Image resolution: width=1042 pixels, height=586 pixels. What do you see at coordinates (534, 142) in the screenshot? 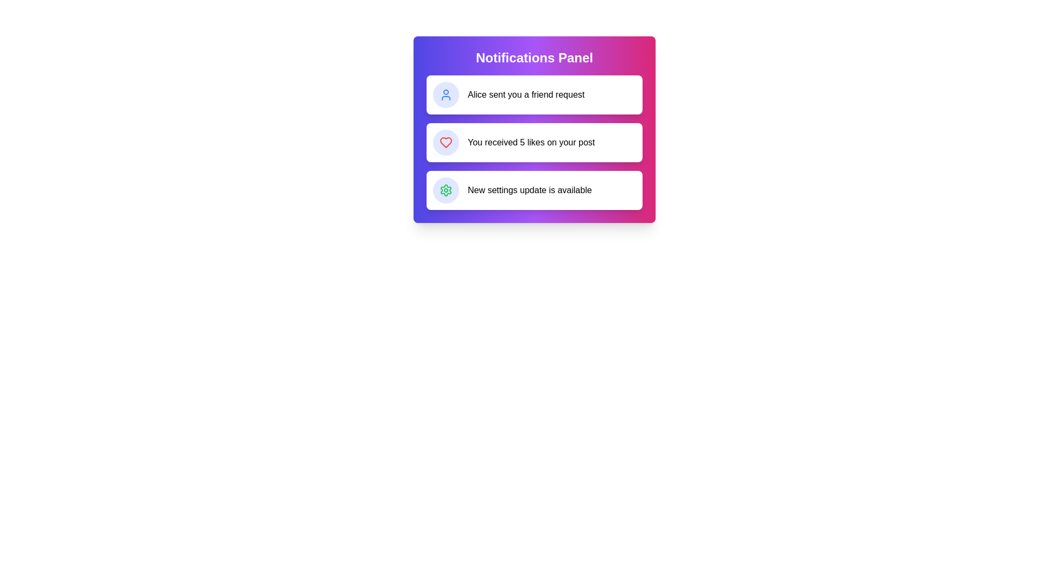
I see `second notification in the notifications panel that informs the user about receiving five likes on a post` at bounding box center [534, 142].